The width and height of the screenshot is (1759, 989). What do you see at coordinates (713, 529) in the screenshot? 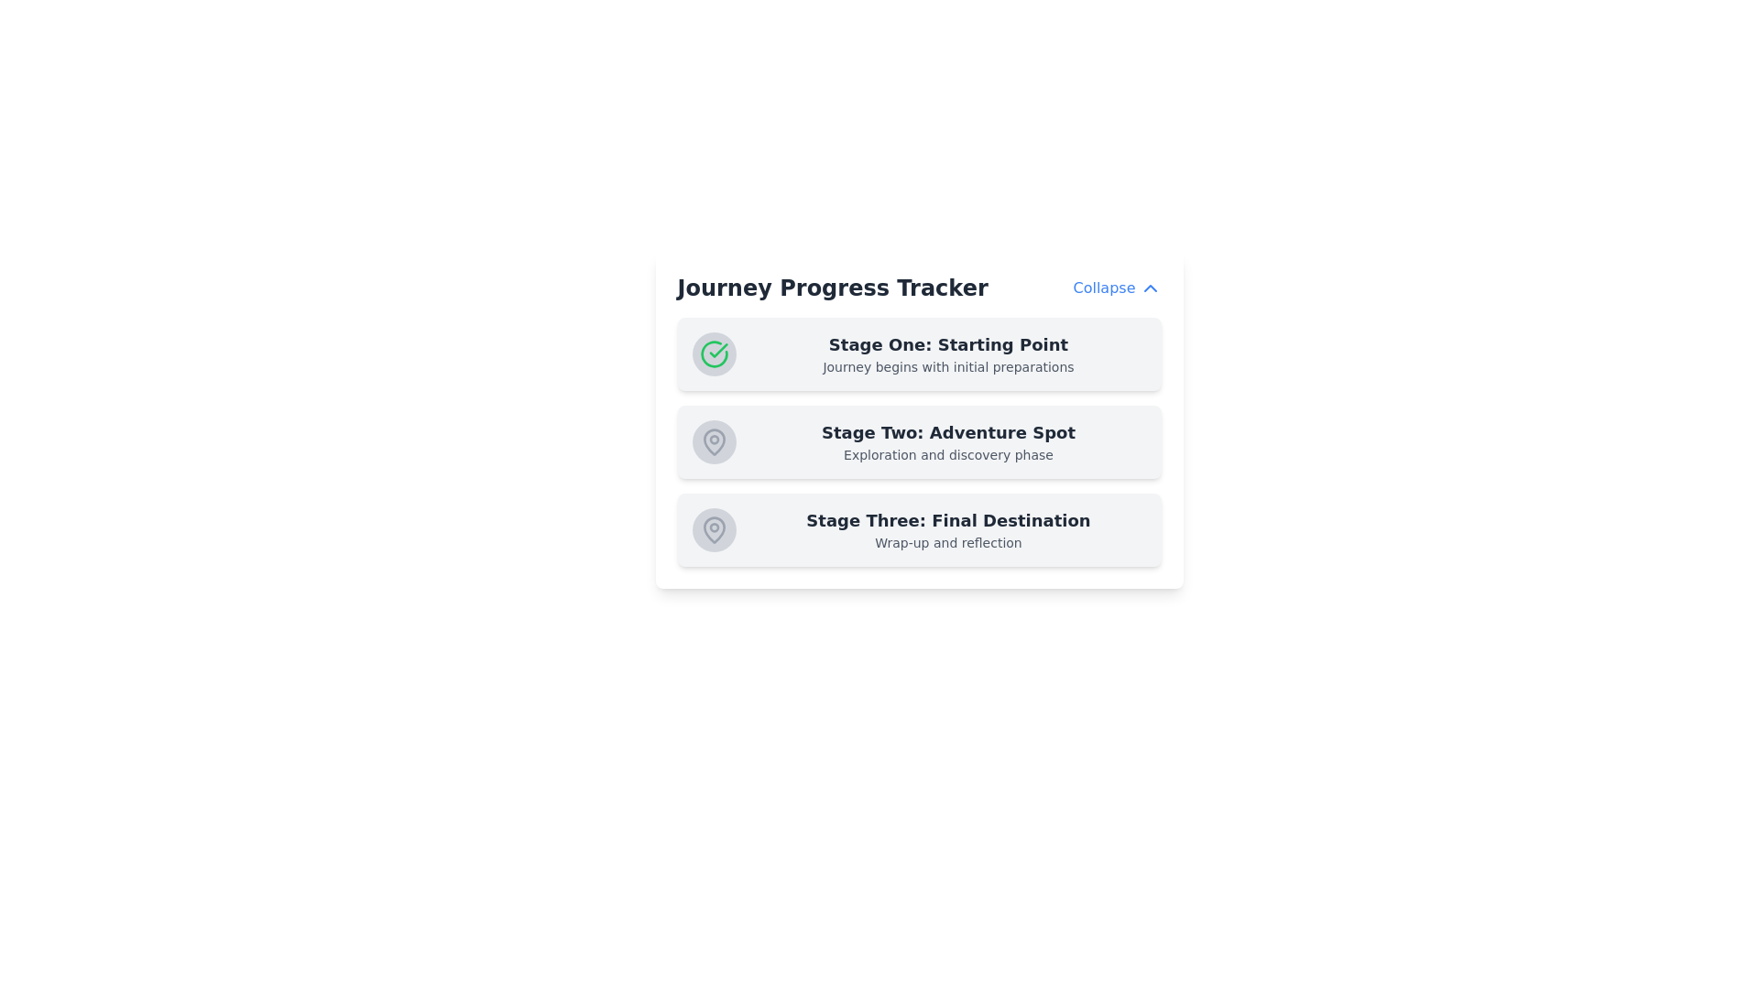
I see `the map pin icon within the circular button in the third item of the vertically stacked progress tracker` at bounding box center [713, 529].